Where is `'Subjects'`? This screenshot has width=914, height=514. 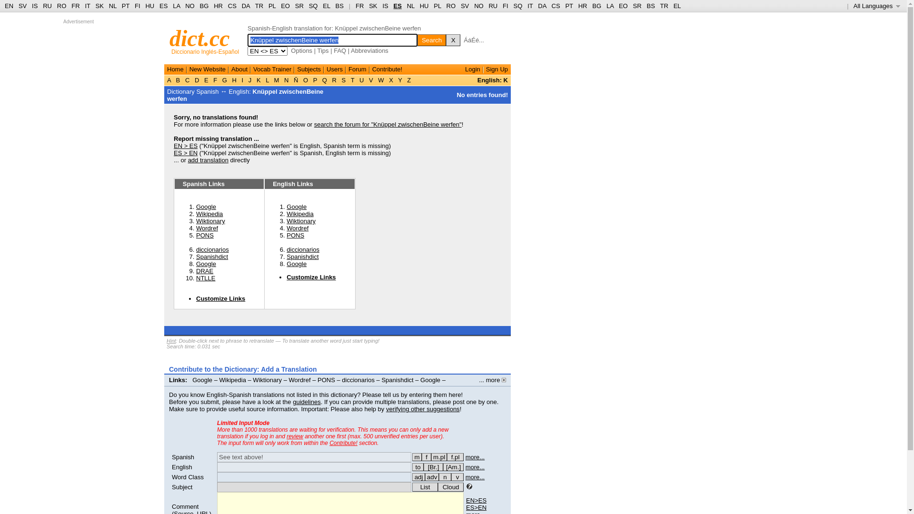 'Subjects' is located at coordinates (308, 69).